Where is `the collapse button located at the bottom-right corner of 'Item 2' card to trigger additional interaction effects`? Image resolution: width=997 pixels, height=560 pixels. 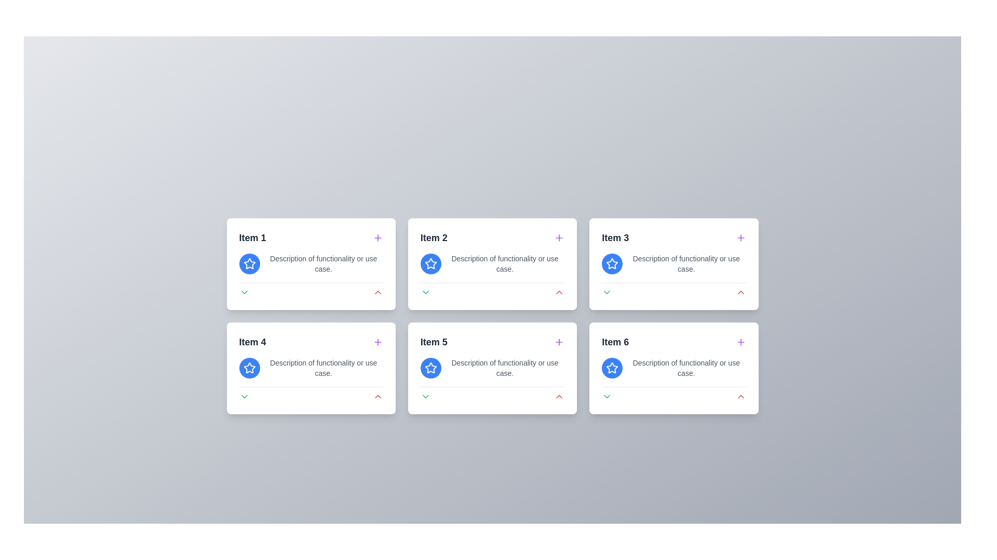 the collapse button located at the bottom-right corner of 'Item 2' card to trigger additional interaction effects is located at coordinates (377, 292).